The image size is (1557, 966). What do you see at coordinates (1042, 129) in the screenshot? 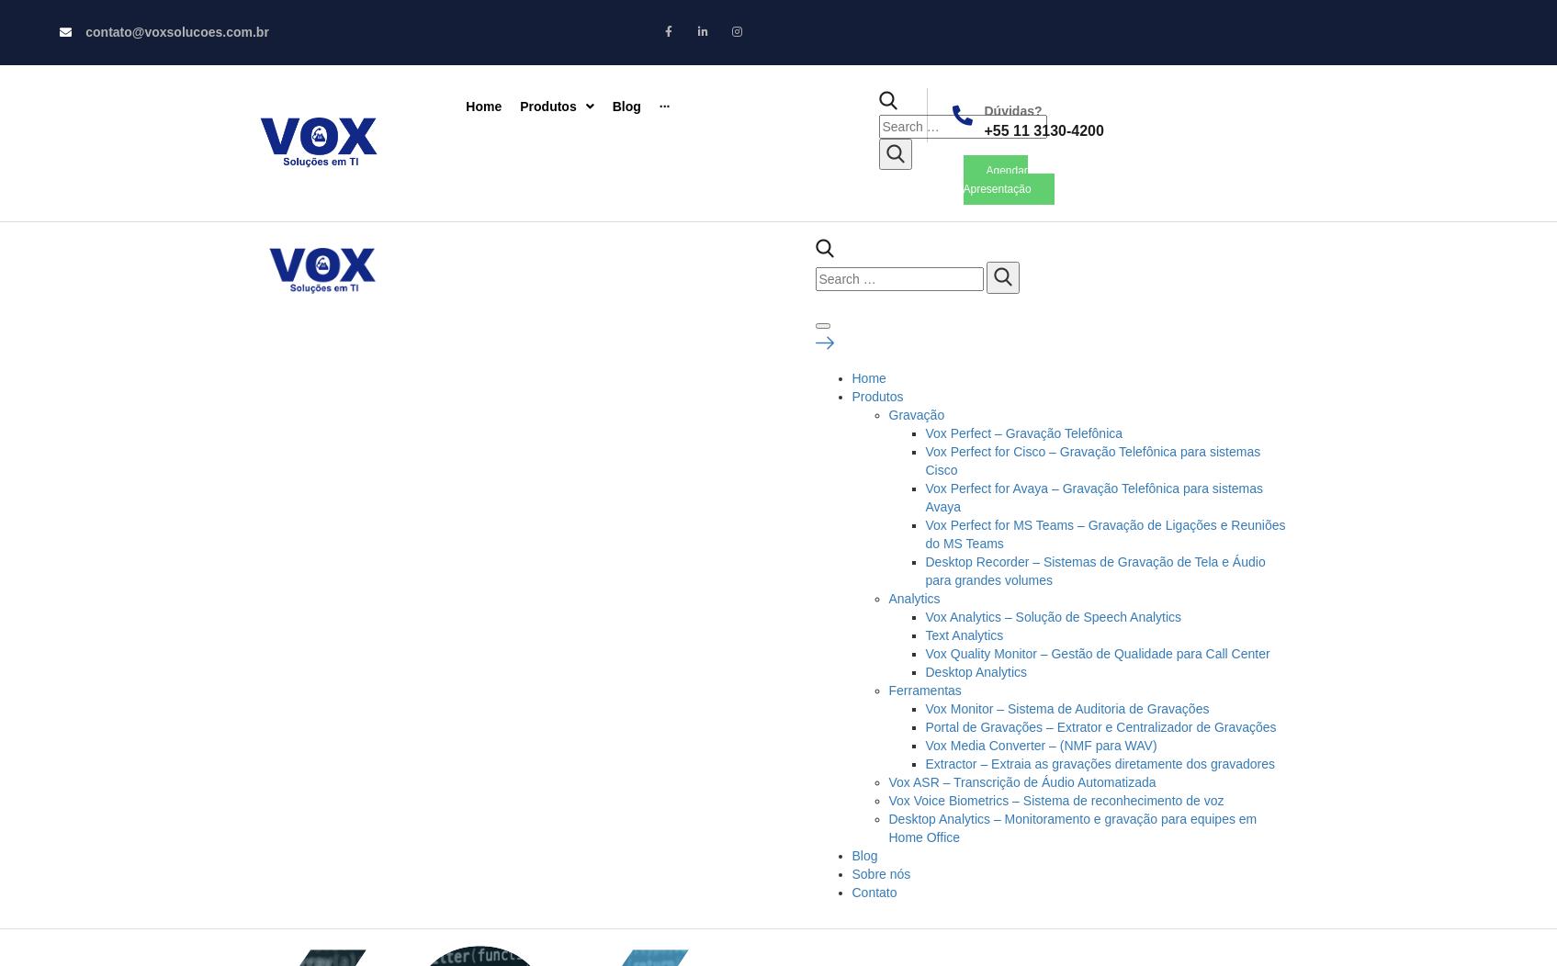
I see `'+55 11 3130-4200'` at bounding box center [1042, 129].